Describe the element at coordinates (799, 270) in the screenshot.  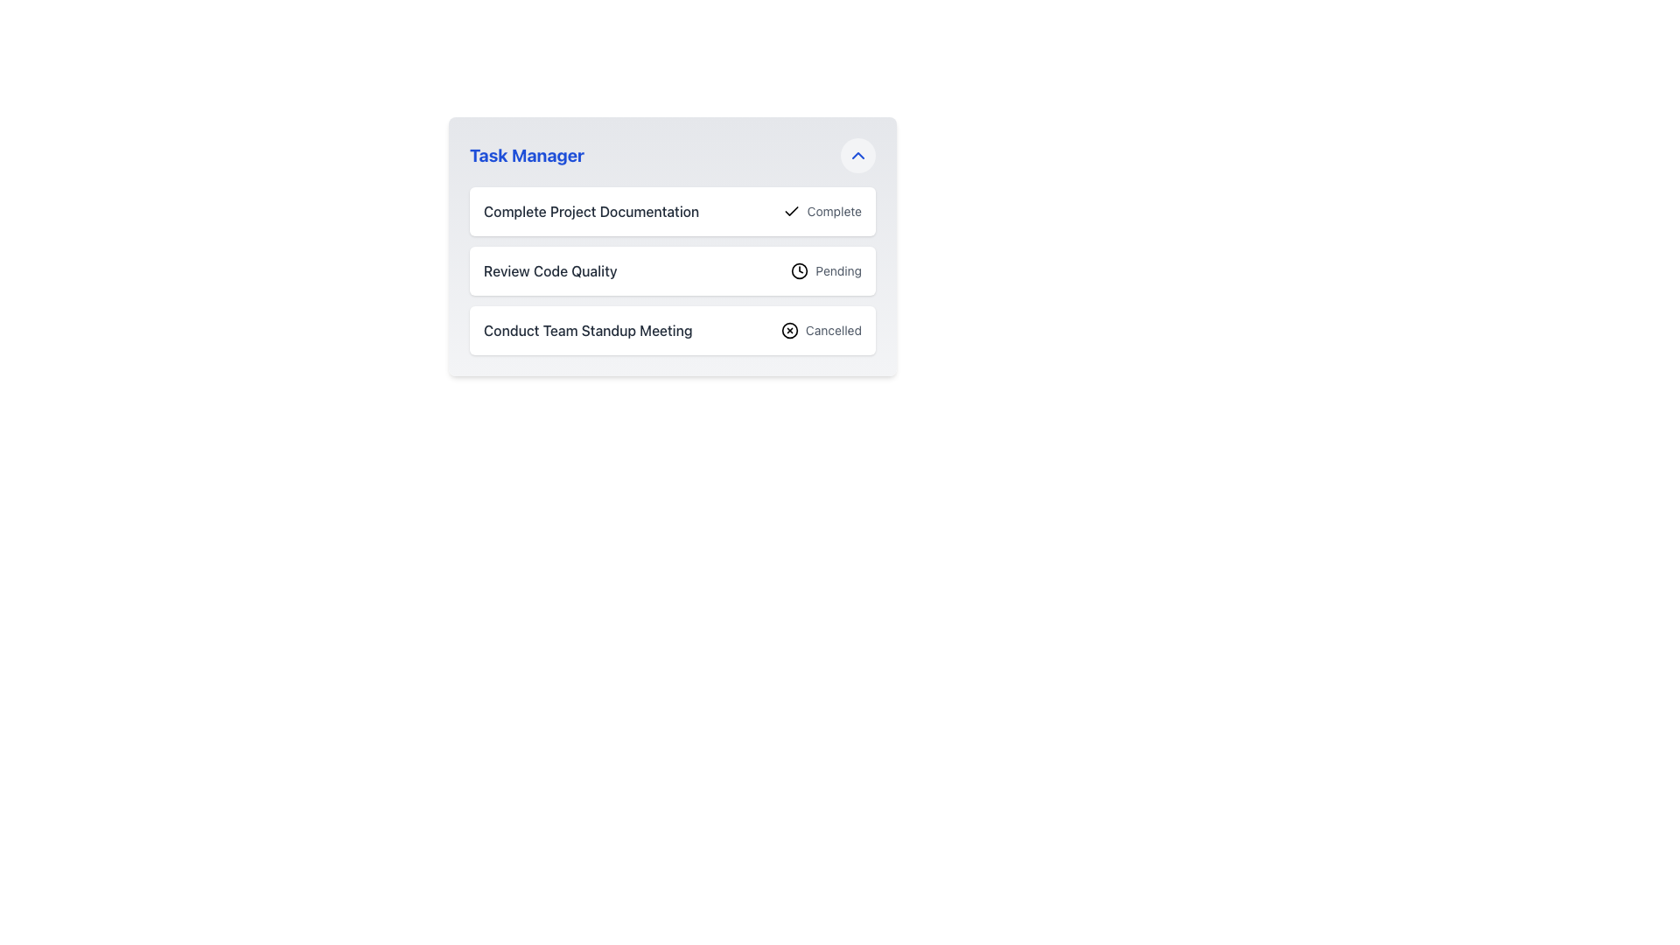
I see `the clock icon representing the 'Pending' status of the task titled 'Review Code Quality' in the task list` at that location.